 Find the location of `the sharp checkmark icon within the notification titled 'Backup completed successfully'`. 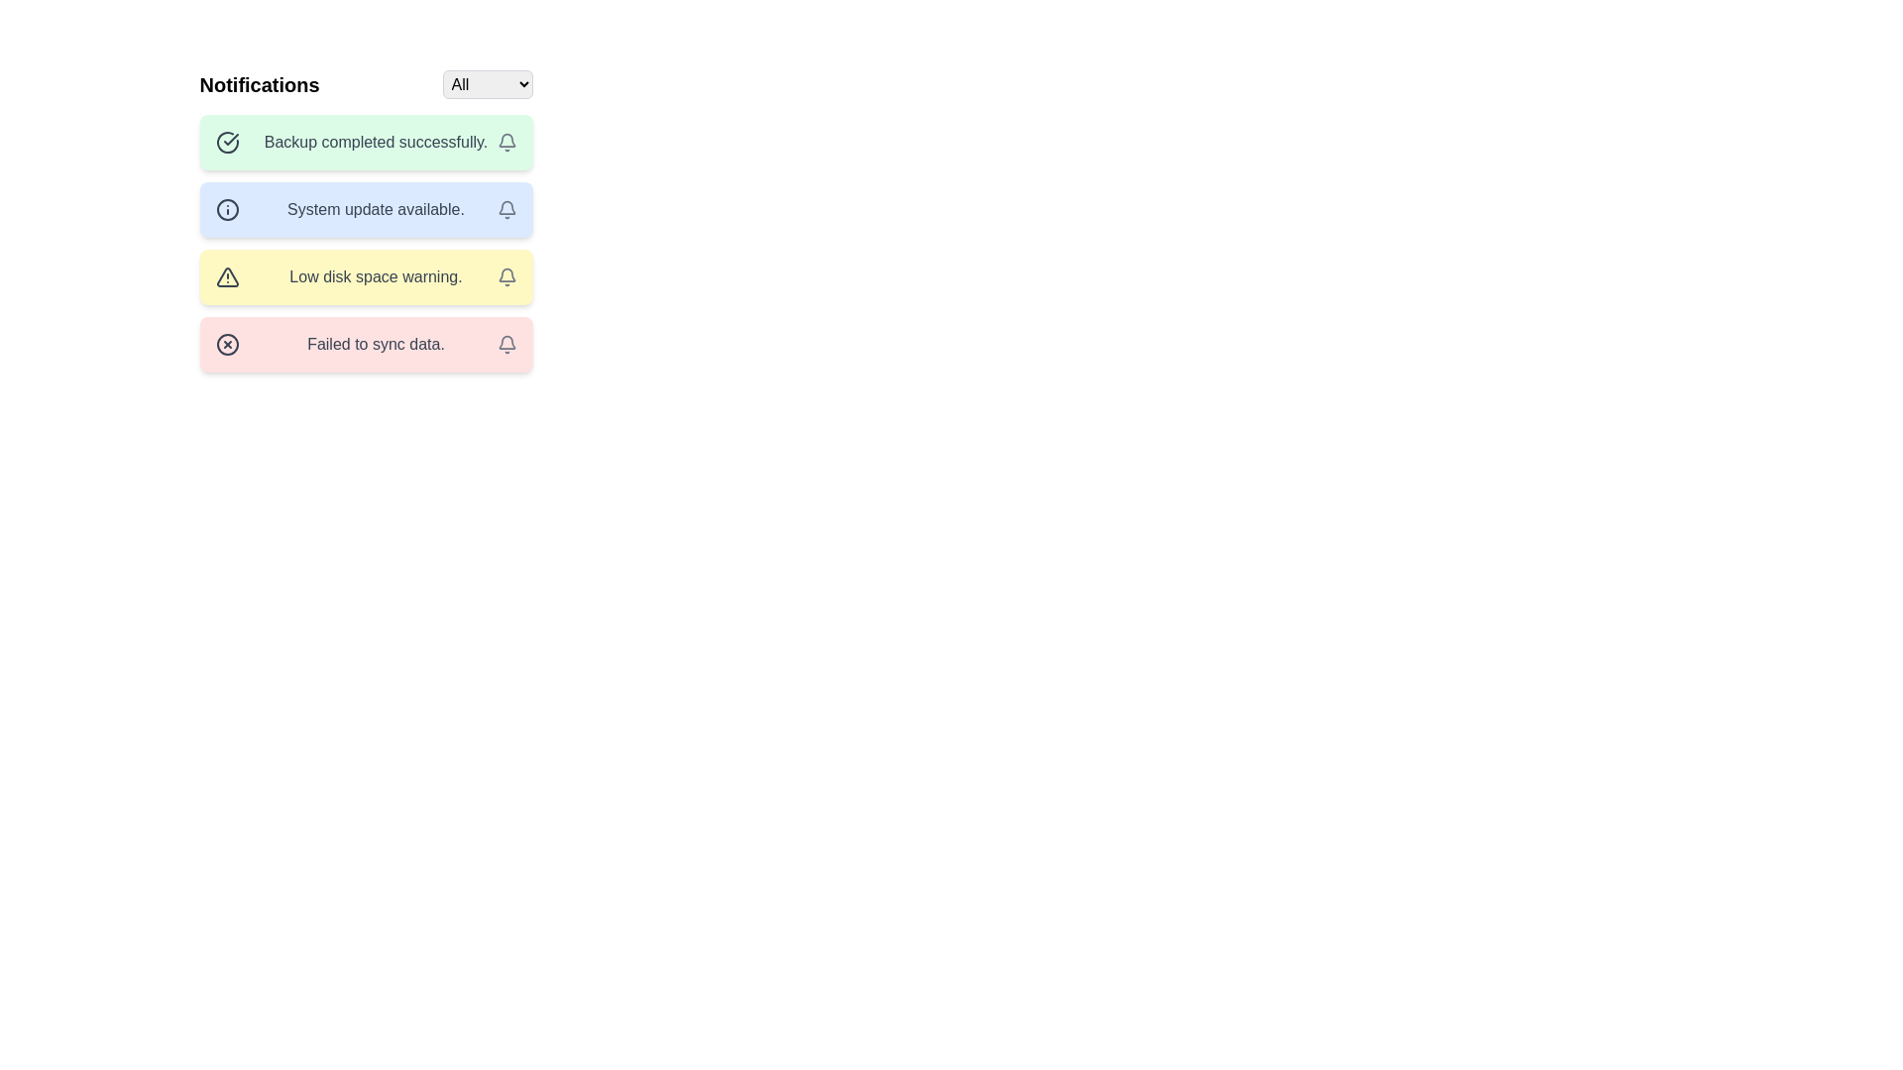

the sharp checkmark icon within the notification titled 'Backup completed successfully' is located at coordinates (231, 139).